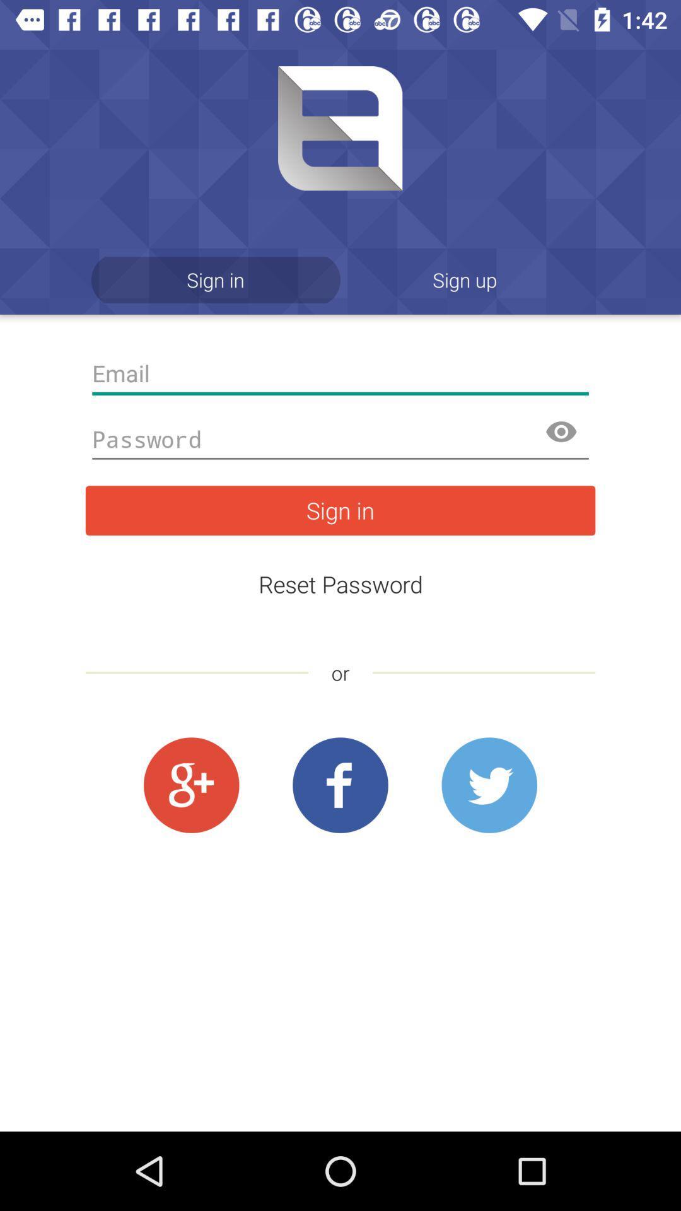  What do you see at coordinates (465, 279) in the screenshot?
I see `icon next to the sign in` at bounding box center [465, 279].